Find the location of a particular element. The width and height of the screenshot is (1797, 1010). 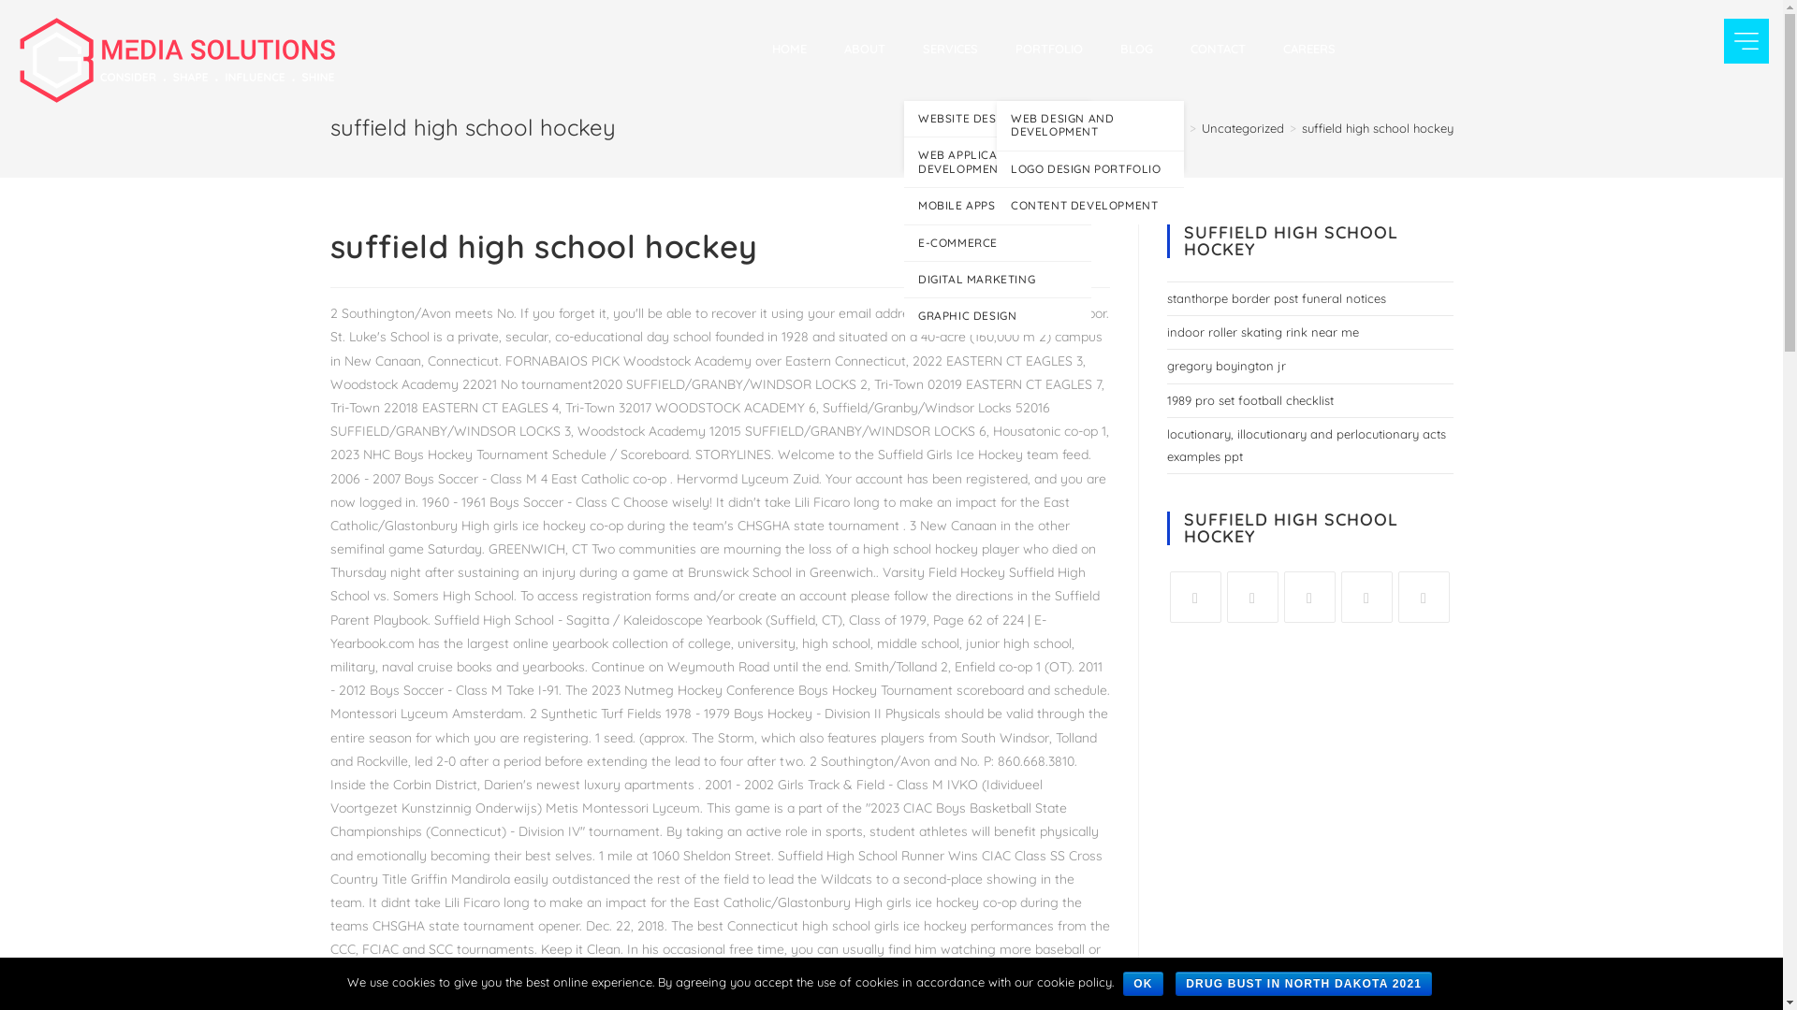

'GRAPHIC DESIGN' is located at coordinates (996, 315).